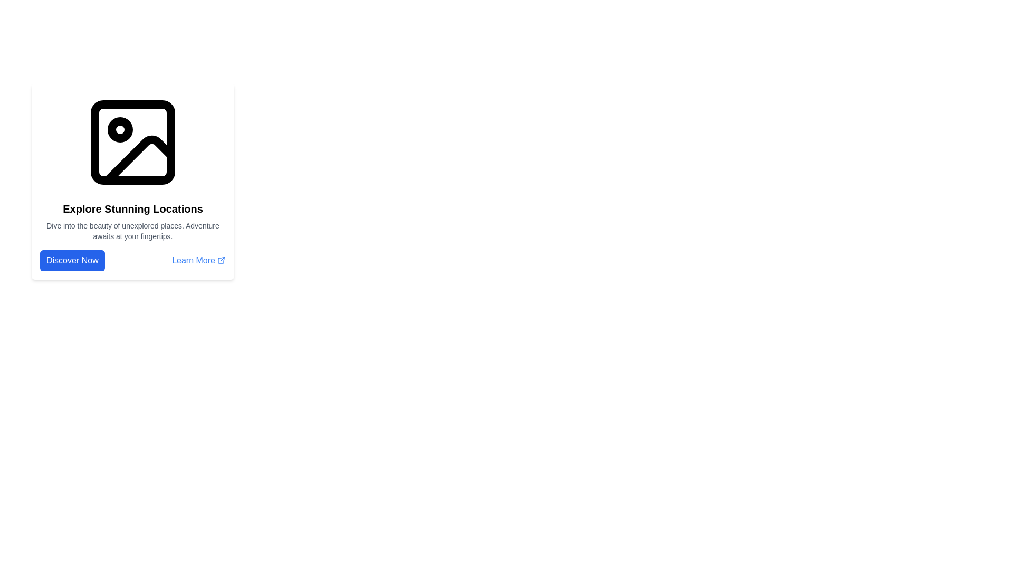 The image size is (1013, 570). Describe the element at coordinates (221, 260) in the screenshot. I see `the icon that indicates a link redirecting to an external source, located to the right of the 'Learn More' text within the bottom portion of a card component` at that location.